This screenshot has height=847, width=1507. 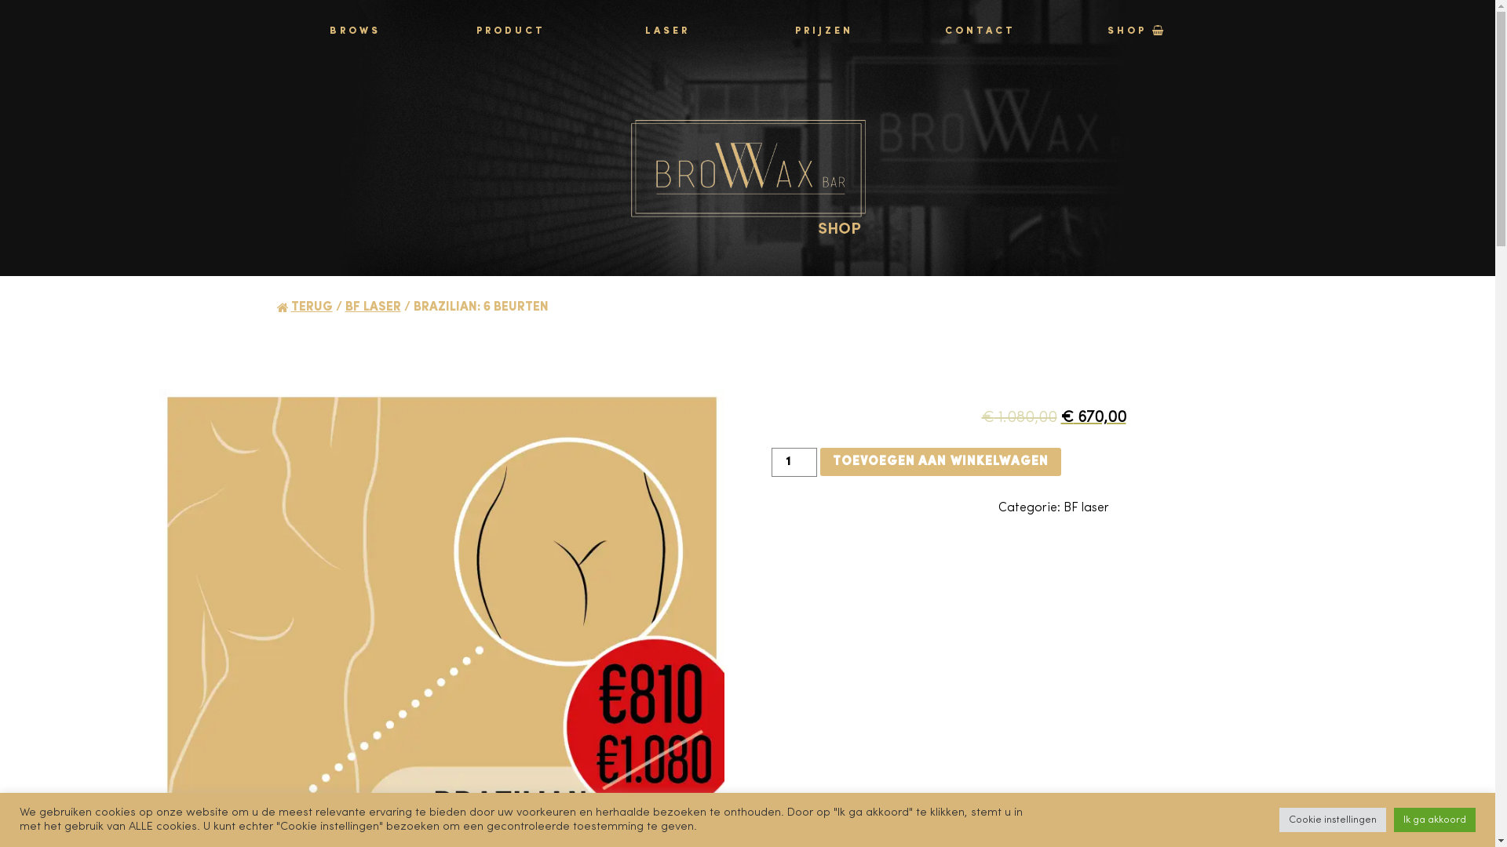 I want to click on 'CONTACT', so click(x=903, y=31).